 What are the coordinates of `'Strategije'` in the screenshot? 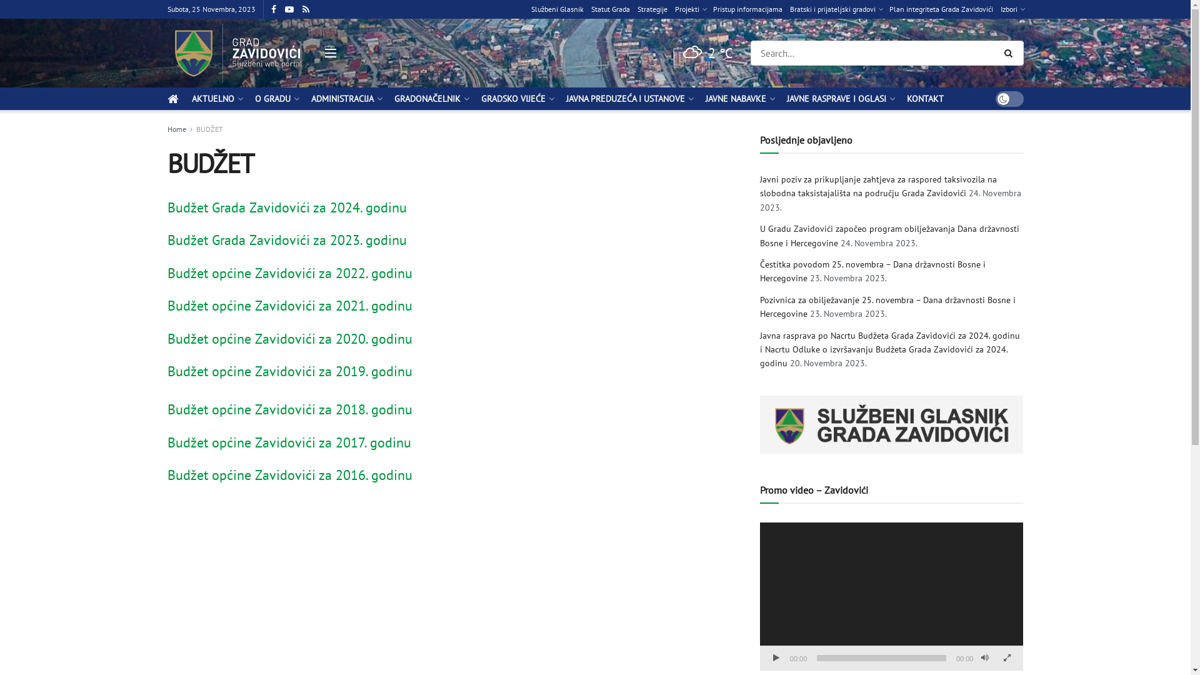 It's located at (651, 9).